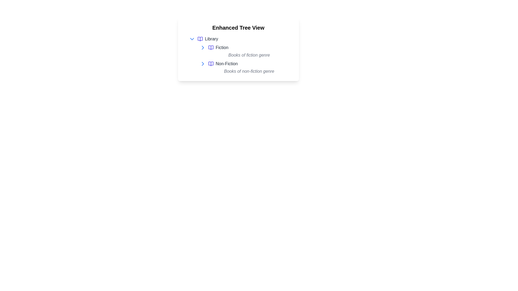 The width and height of the screenshot is (518, 291). I want to click on the 'Fiction' text label with an open book icon, which is a sub-item under the 'Library' section in the tree-view structure, so click(218, 47).